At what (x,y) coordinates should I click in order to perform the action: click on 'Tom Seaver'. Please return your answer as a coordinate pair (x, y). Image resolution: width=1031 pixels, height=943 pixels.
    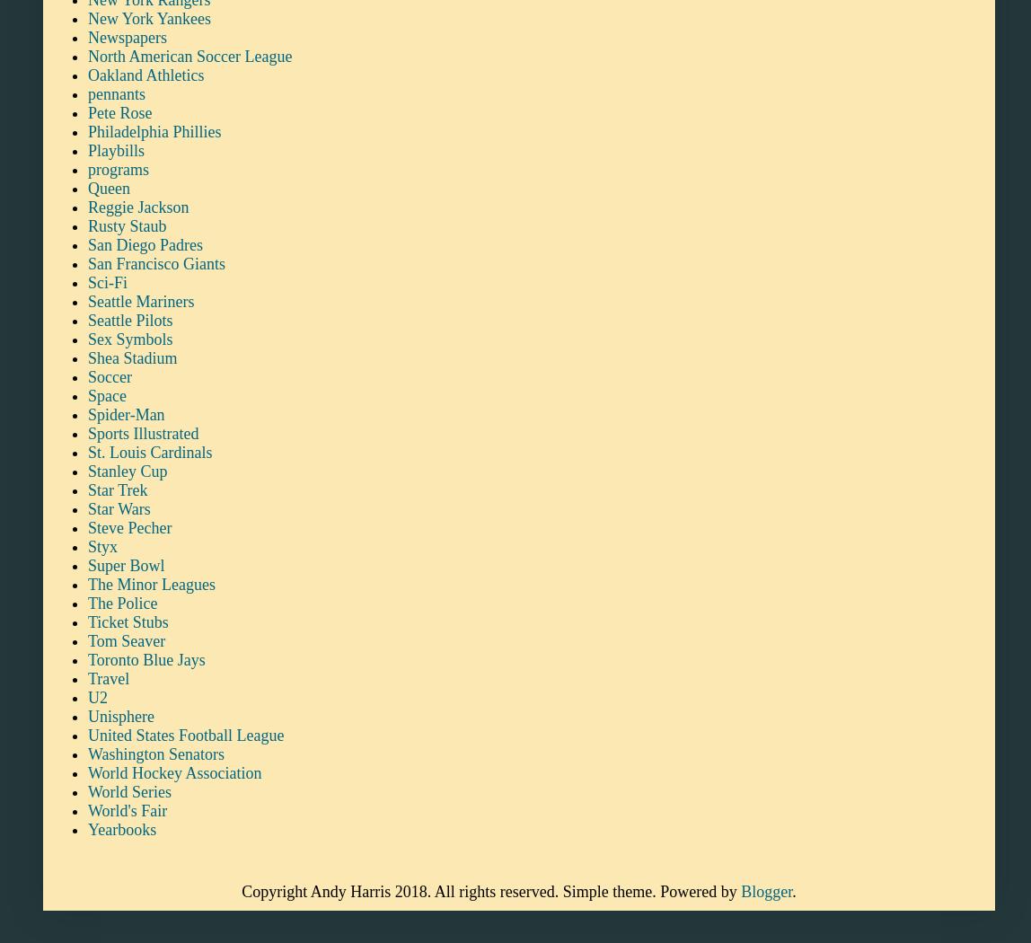
    Looking at the image, I should click on (126, 639).